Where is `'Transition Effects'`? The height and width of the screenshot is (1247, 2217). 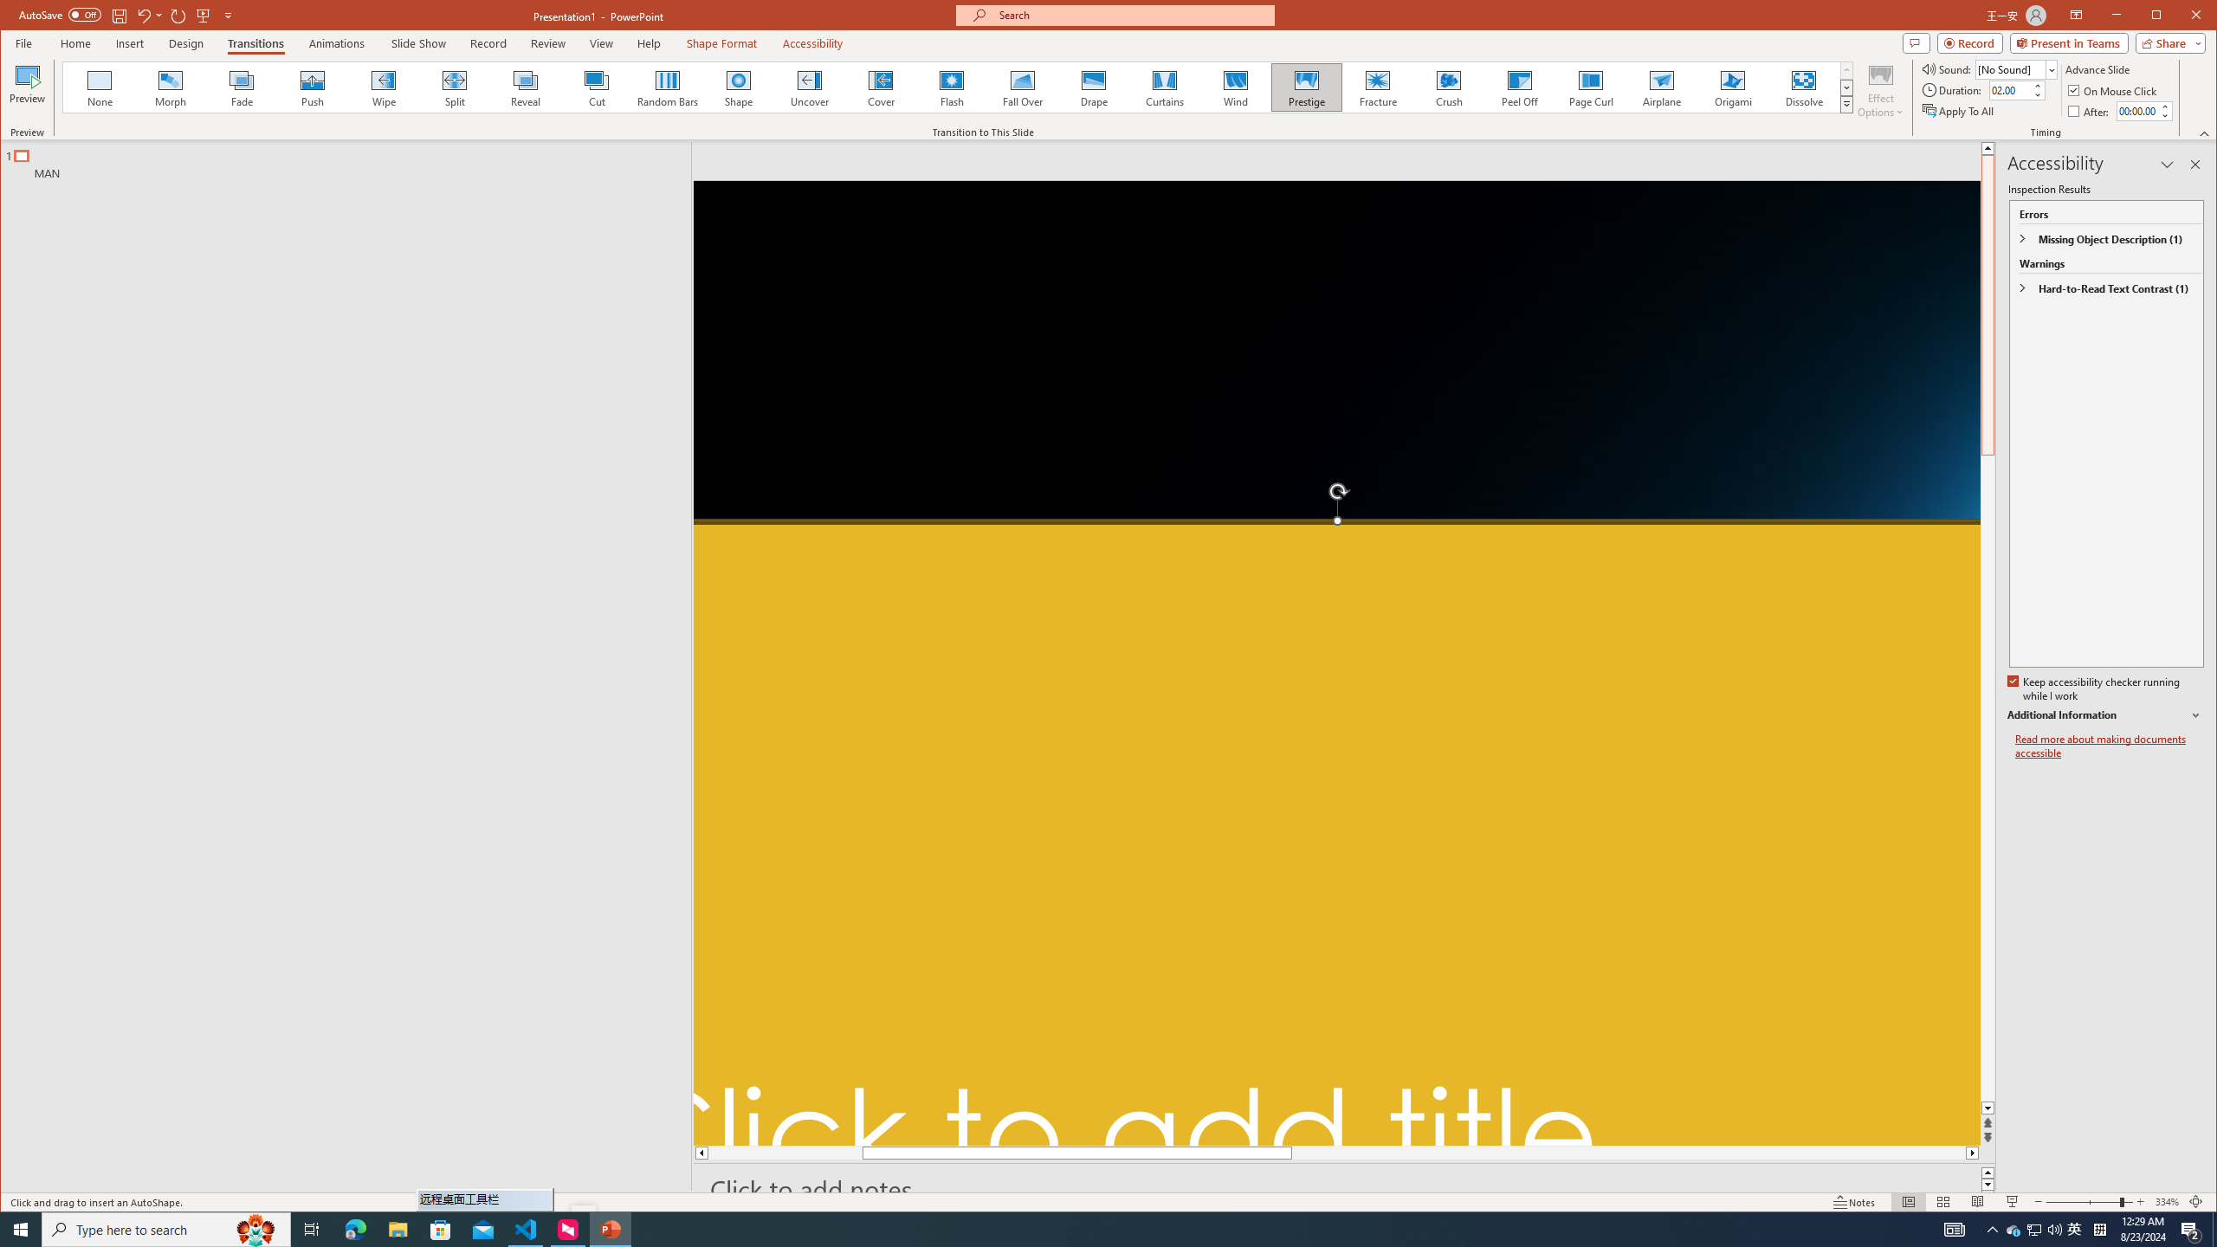 'Transition Effects' is located at coordinates (1845, 103).